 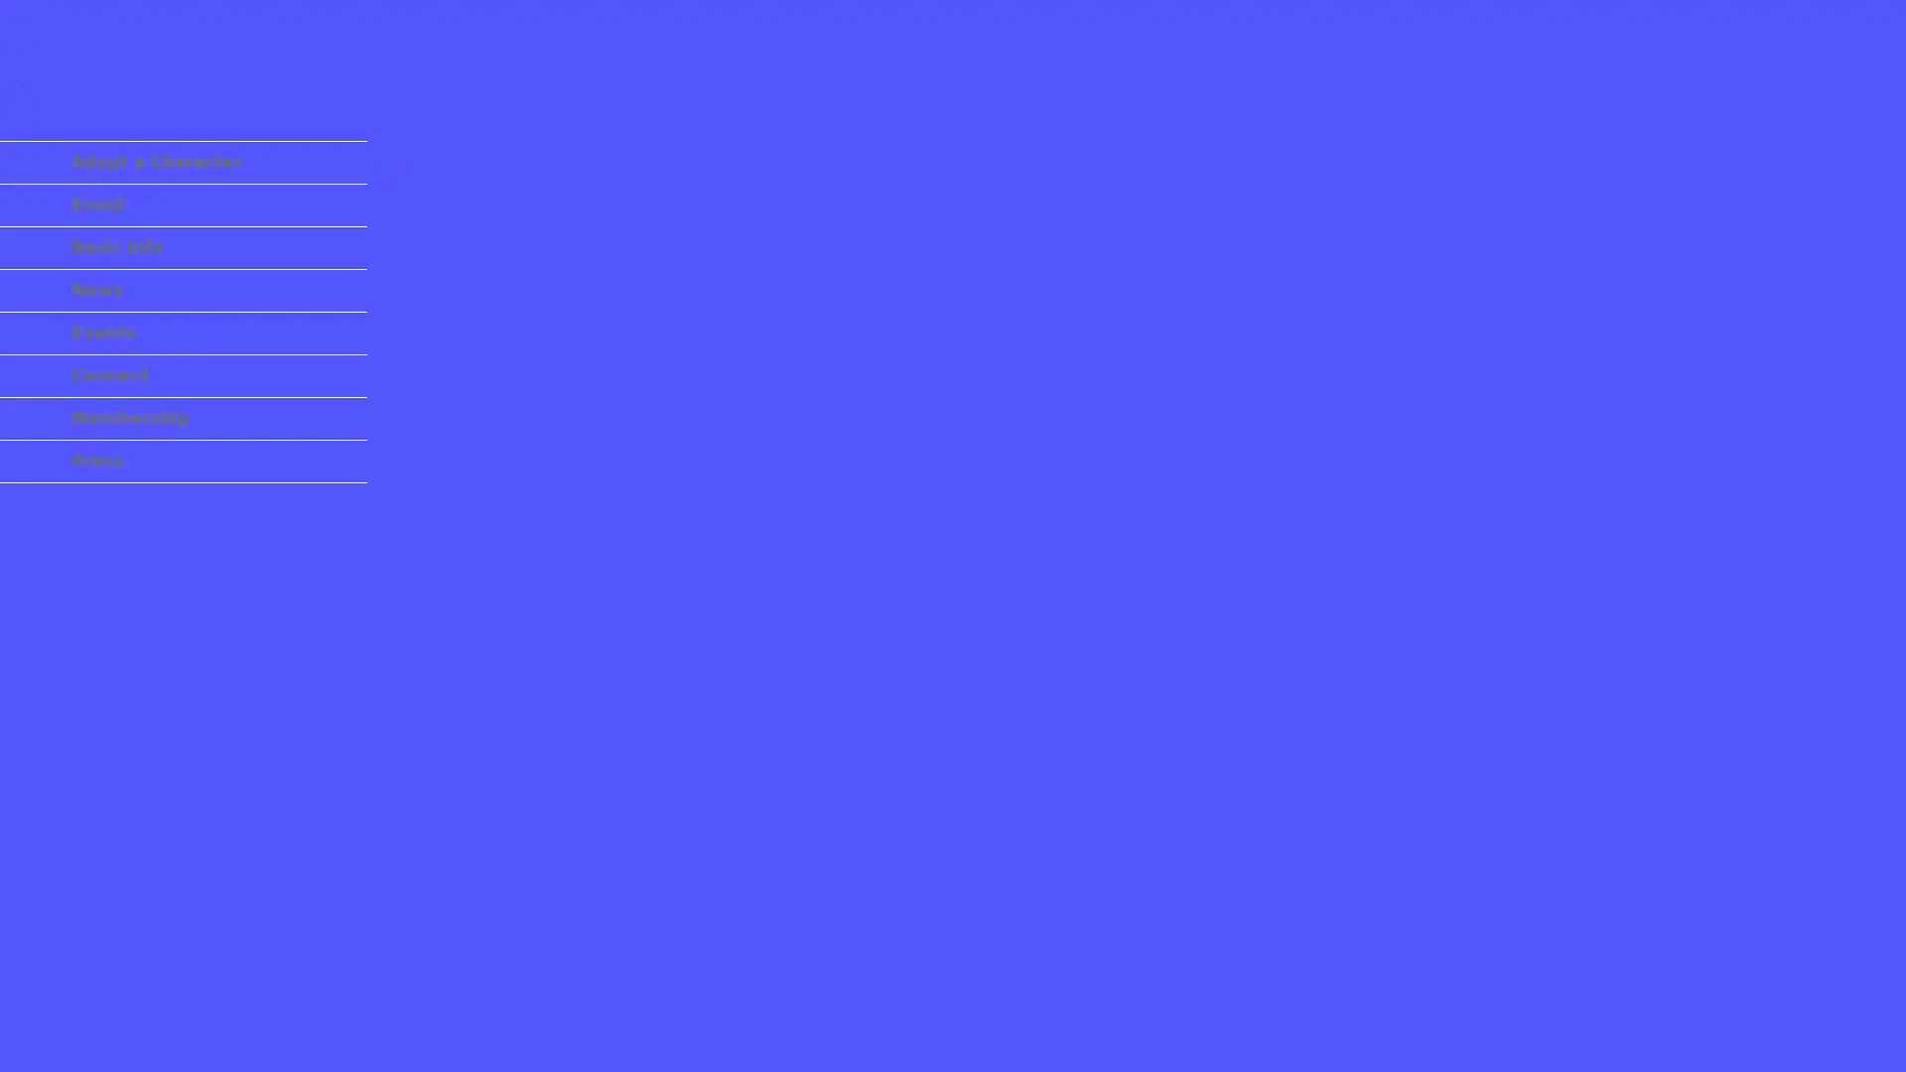 I want to click on U+1F600, so click(x=591, y=539).